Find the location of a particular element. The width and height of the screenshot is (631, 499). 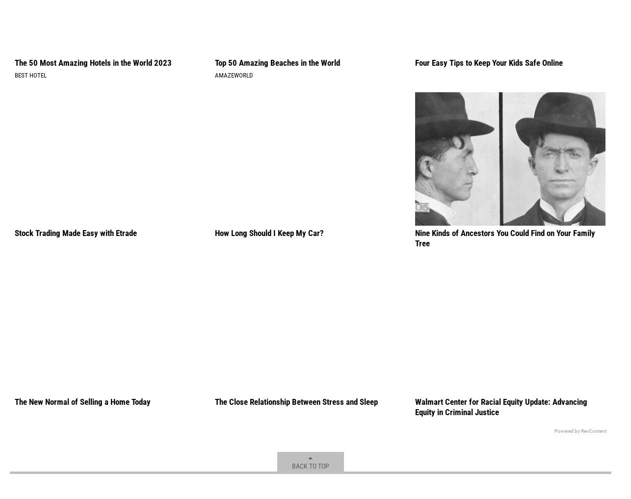

'Nine Kinds of Ancestors You Could Find on Your Family Tree' is located at coordinates (415, 383).